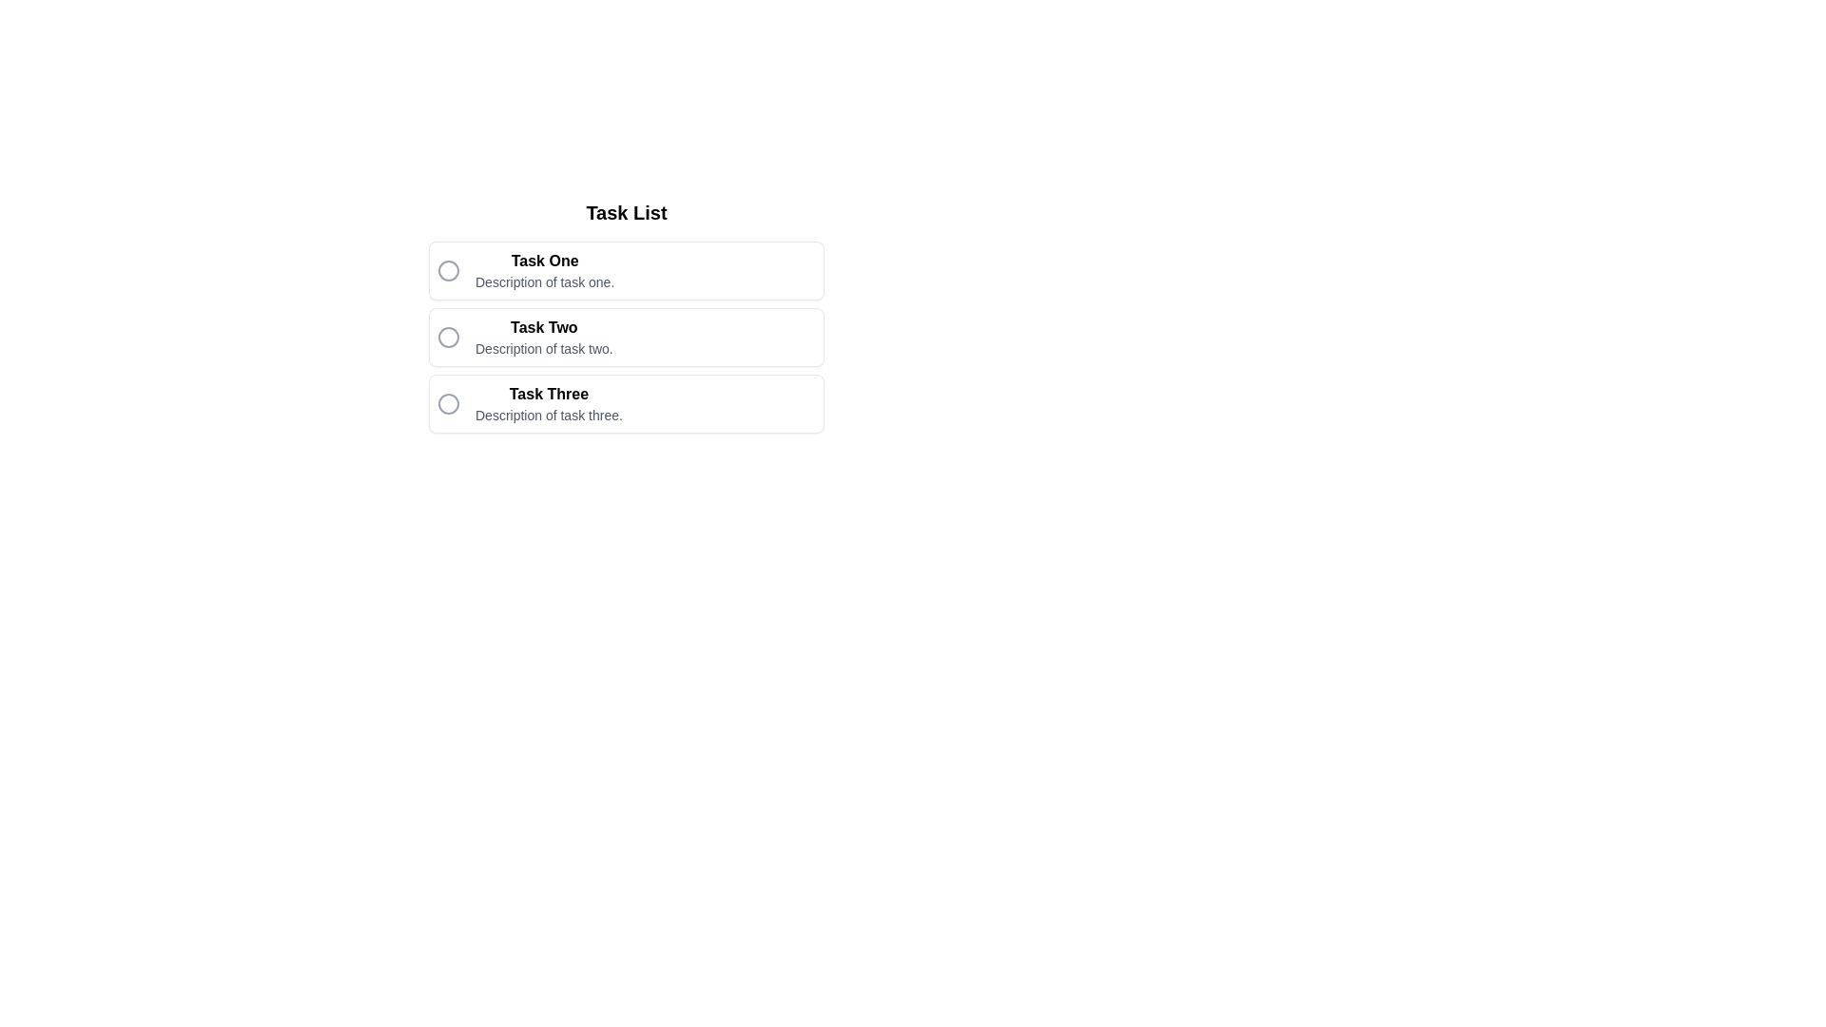 The image size is (1826, 1027). I want to click on title 'Task One' and the description 'Description of task one.' from the first task item, which contains a radio button and is located at the top of the vertical list, so click(626, 271).